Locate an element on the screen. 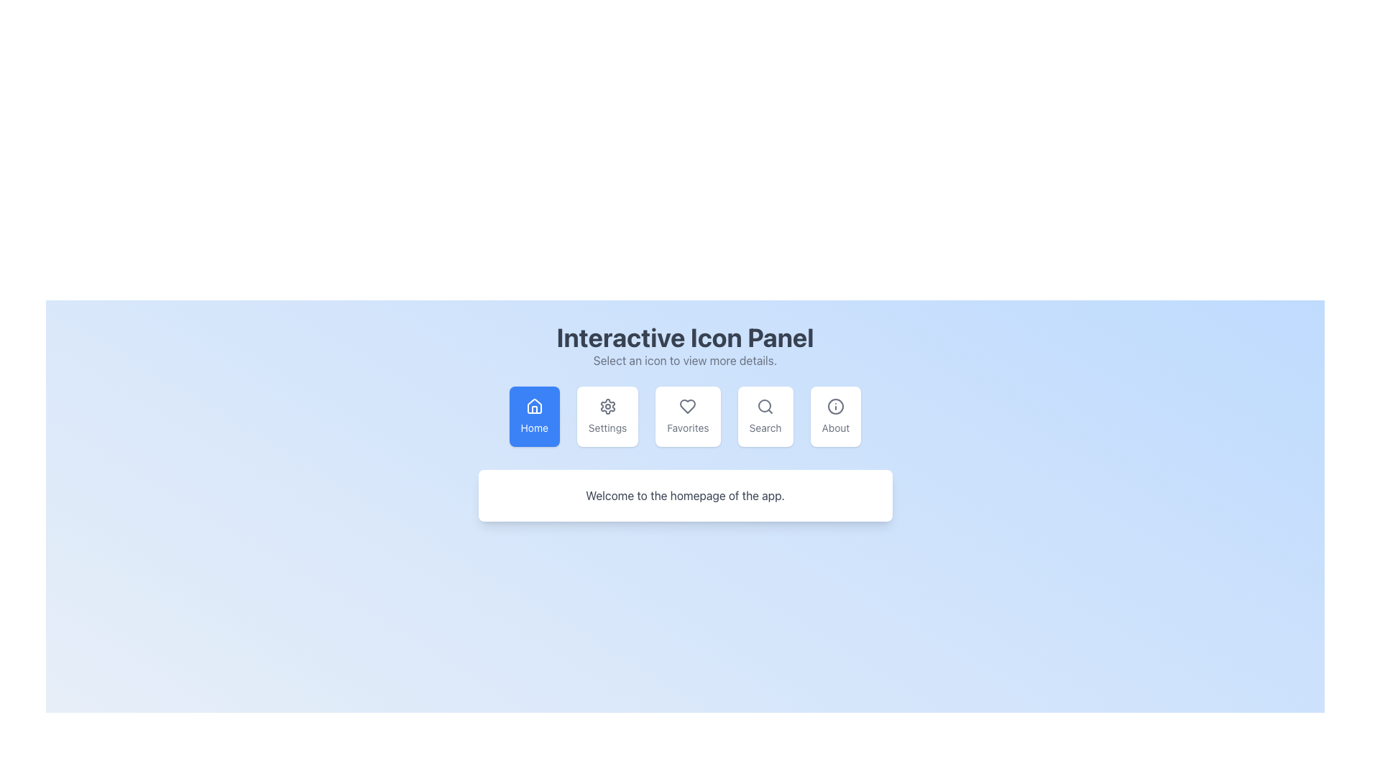 The height and width of the screenshot is (776, 1380). the house icon within the blue 'Home' button, which is part of the first interactive card in the horizontal icon panel is located at coordinates (533, 407).